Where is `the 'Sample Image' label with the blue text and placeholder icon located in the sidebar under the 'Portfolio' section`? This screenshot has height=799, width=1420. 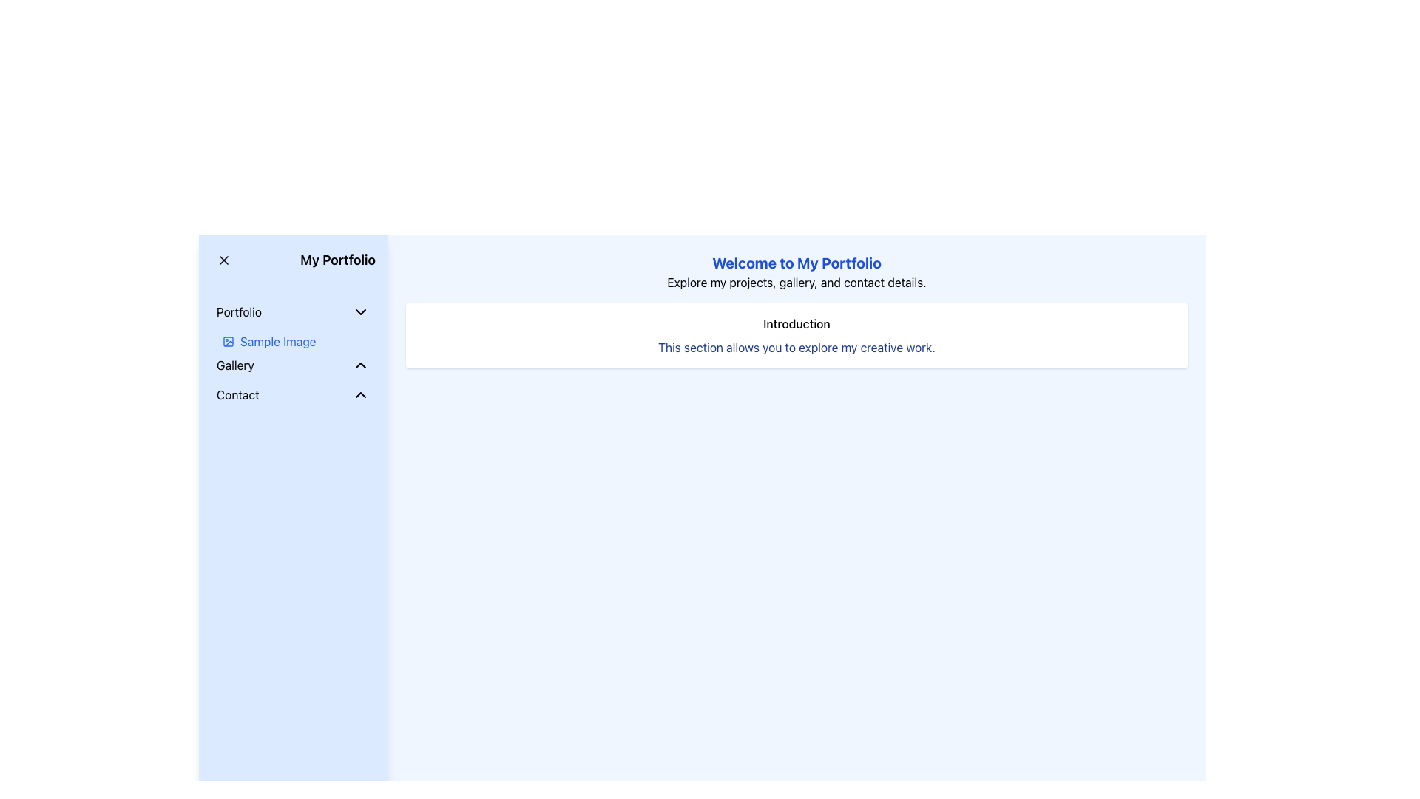 the 'Sample Image' label with the blue text and placeholder icon located in the sidebar under the 'Portfolio' section is located at coordinates (293, 342).